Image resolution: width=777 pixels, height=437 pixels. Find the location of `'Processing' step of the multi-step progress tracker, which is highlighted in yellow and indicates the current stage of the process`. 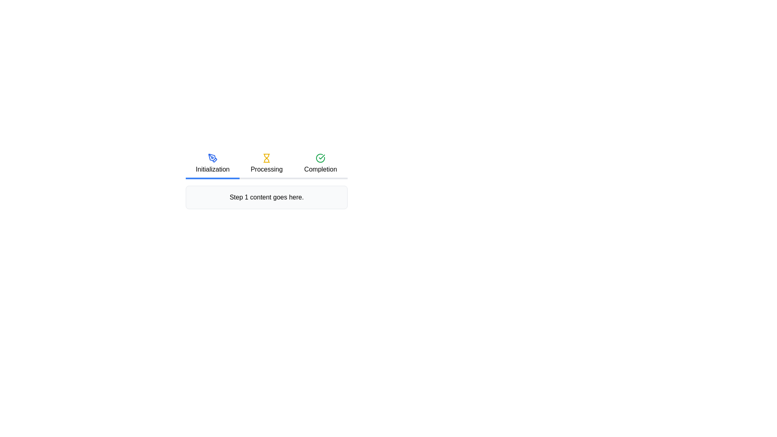

'Processing' step of the multi-step progress tracker, which is highlighted in yellow and indicates the current stage of the process is located at coordinates (266, 164).